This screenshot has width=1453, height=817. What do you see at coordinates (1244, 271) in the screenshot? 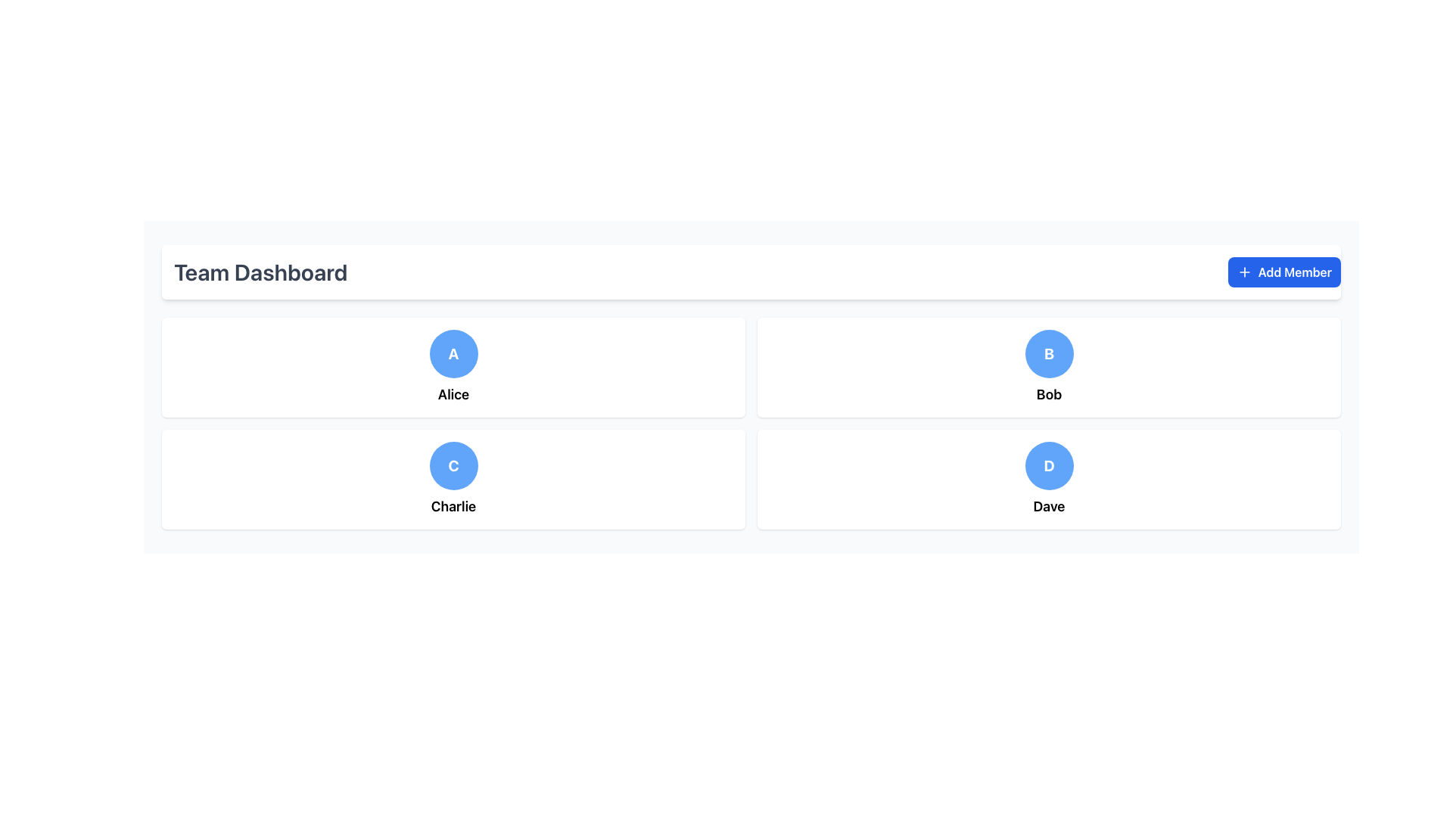
I see `the small blue plus icon that is part of the 'Add Member' button, located to the left of the text label 'Add Member'` at bounding box center [1244, 271].